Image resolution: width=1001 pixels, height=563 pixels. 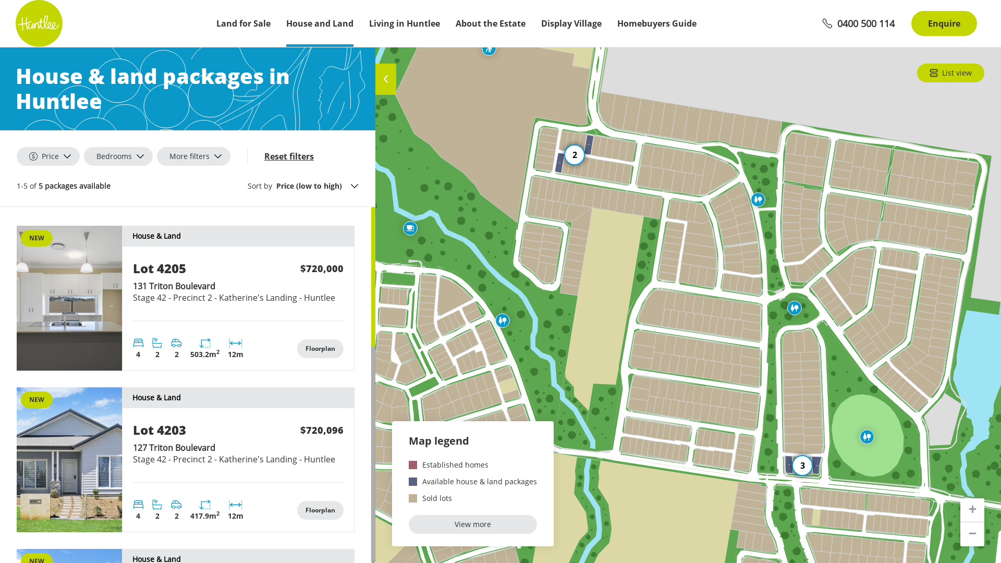 What do you see at coordinates (472, 524) in the screenshot?
I see `'View more'` at bounding box center [472, 524].